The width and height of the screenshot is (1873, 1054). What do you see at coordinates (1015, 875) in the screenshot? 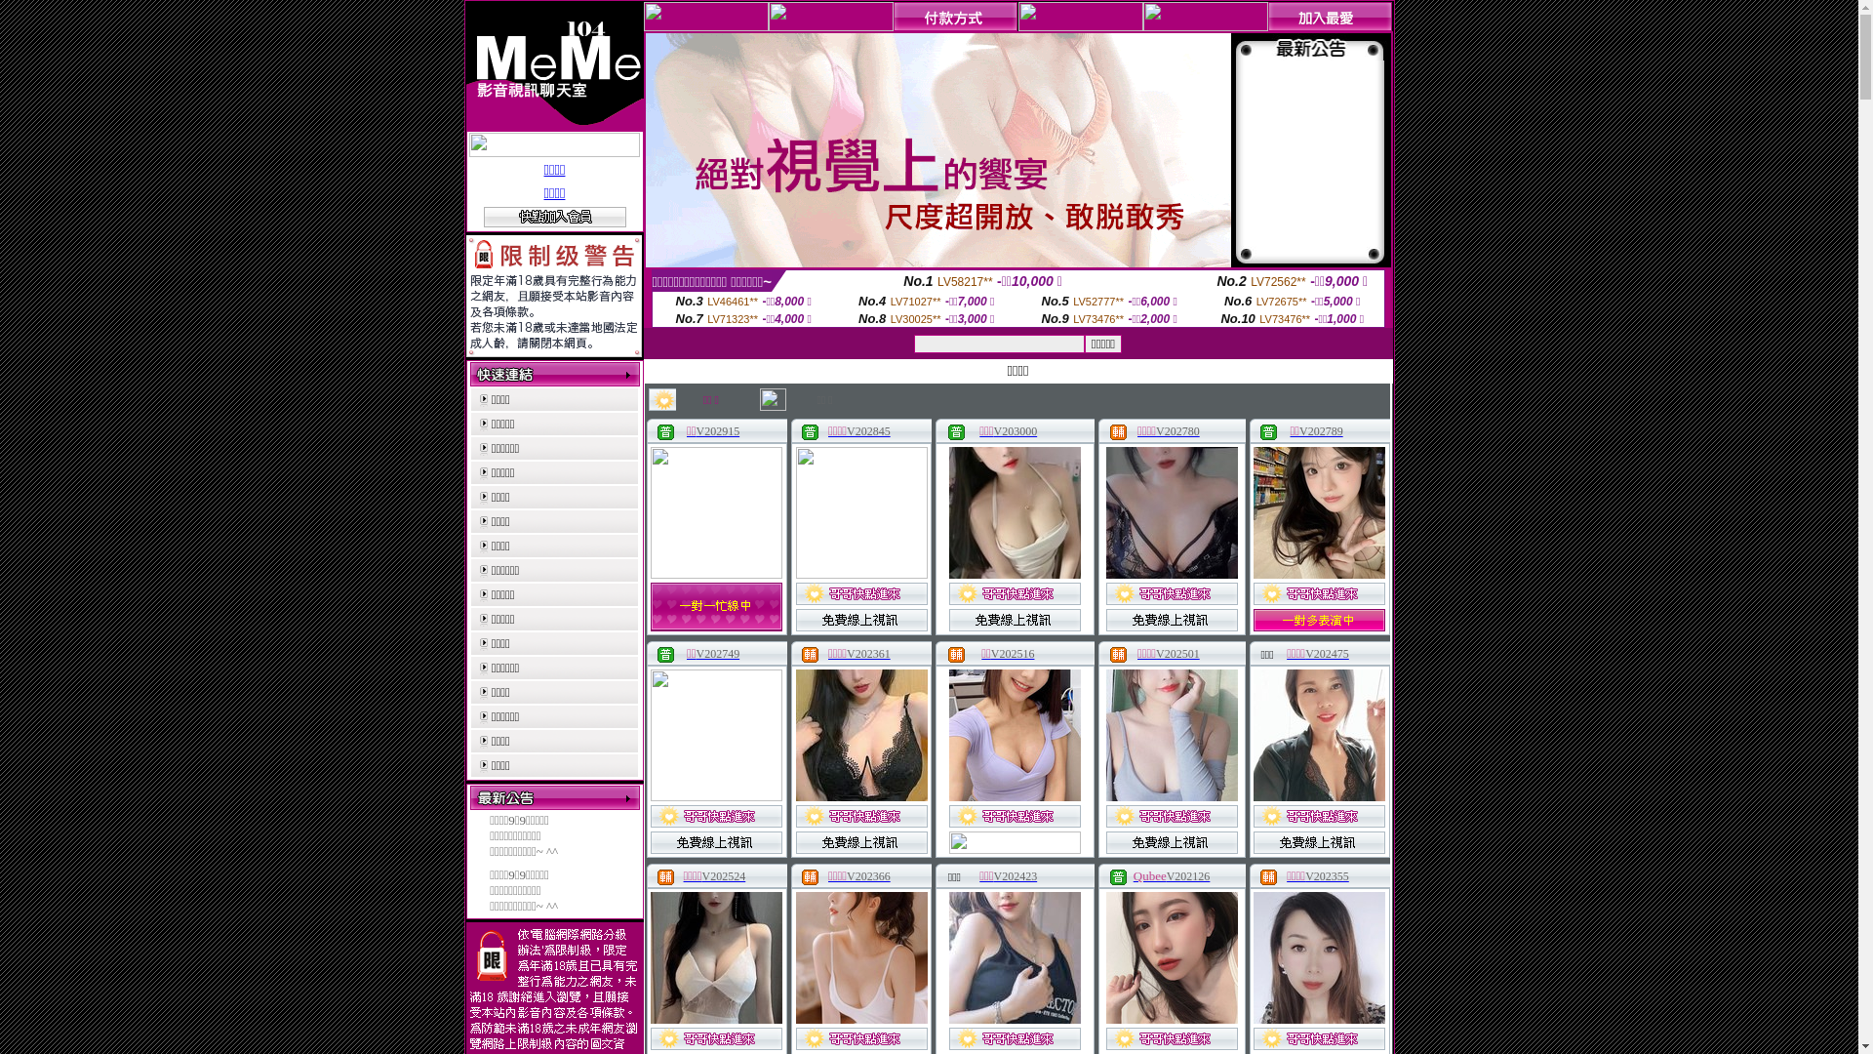
I see `'V202423'` at bounding box center [1015, 875].